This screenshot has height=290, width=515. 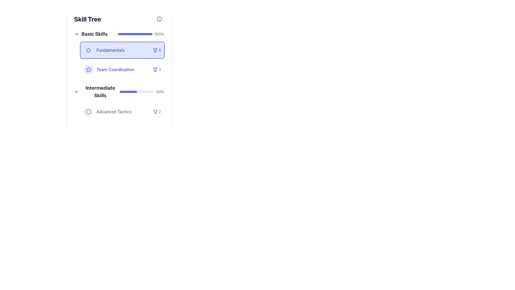 I want to click on the star-shaped icon outlined in blue, which is positioned next to the text 'Fundamentals' in the 'Basic Skills' section, so click(x=89, y=69).